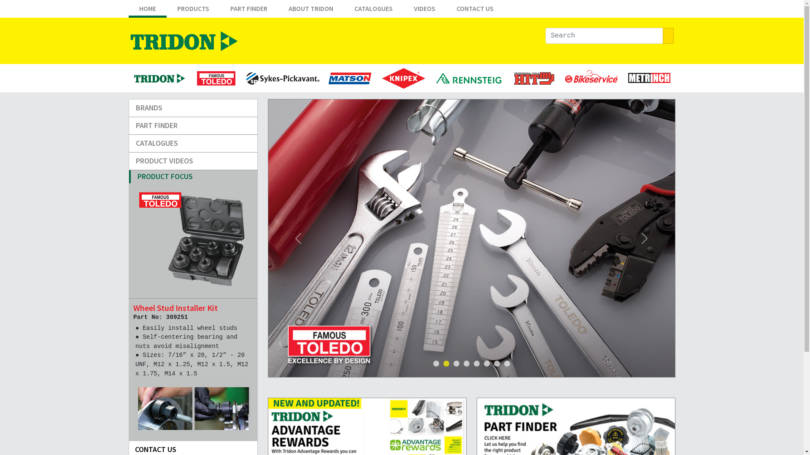 The height and width of the screenshot is (455, 810). Describe the element at coordinates (267, 238) in the screenshot. I see `'Previous'` at that location.